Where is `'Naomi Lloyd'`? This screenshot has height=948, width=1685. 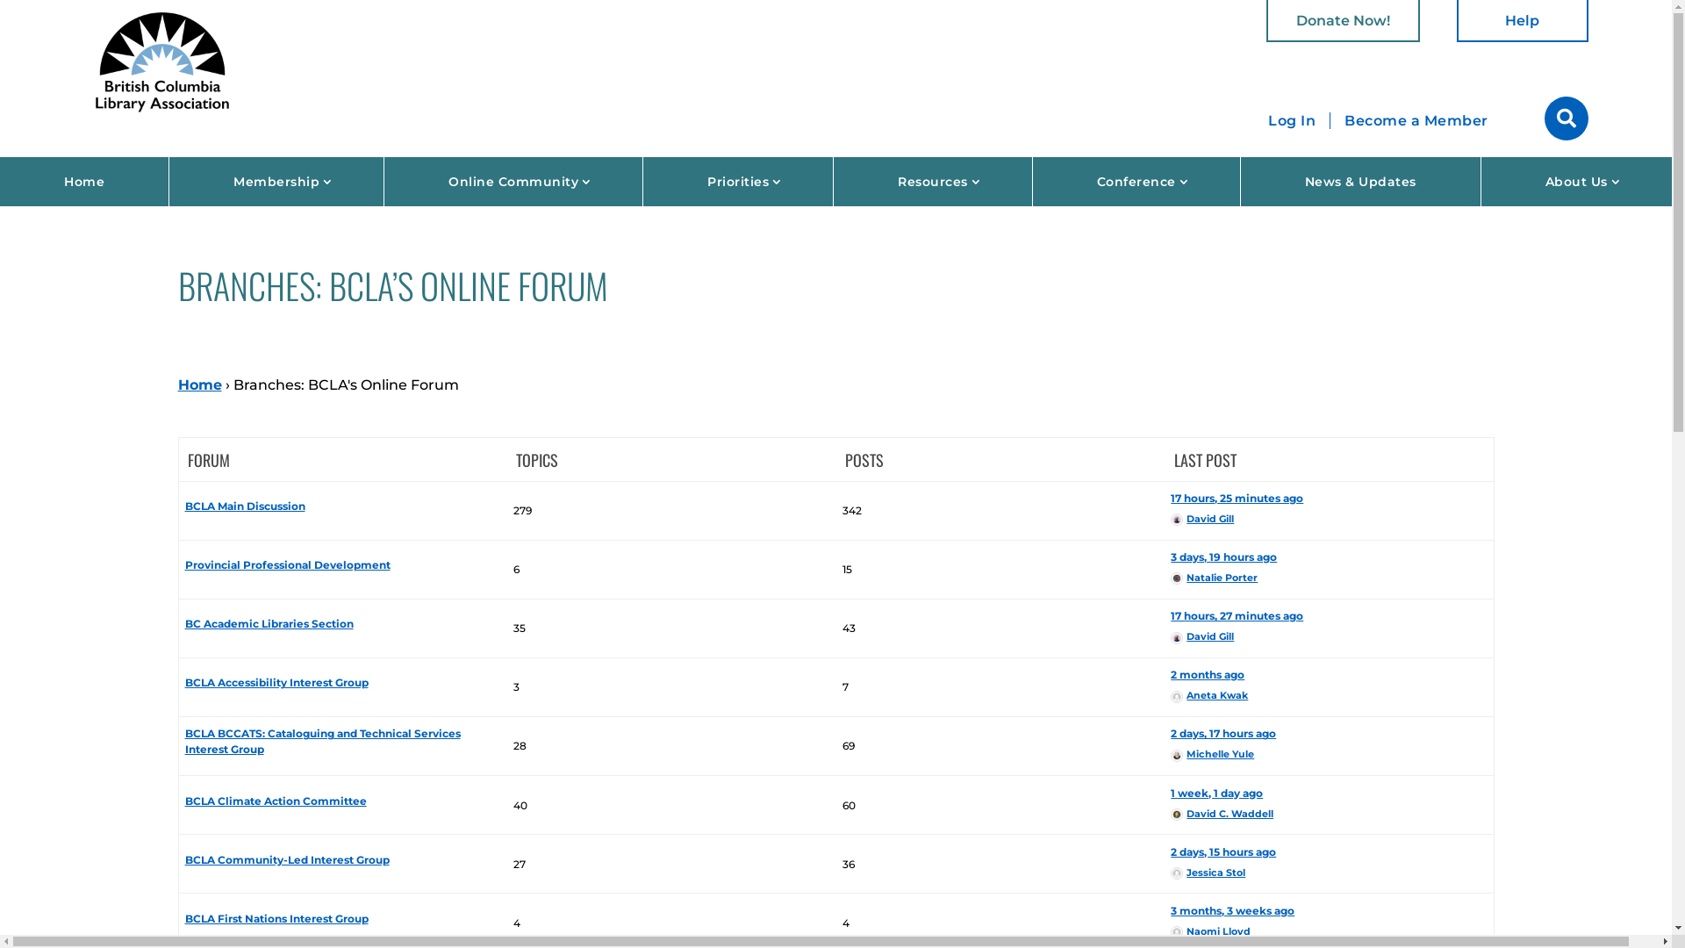
'Naomi Lloyd' is located at coordinates (1209, 930).